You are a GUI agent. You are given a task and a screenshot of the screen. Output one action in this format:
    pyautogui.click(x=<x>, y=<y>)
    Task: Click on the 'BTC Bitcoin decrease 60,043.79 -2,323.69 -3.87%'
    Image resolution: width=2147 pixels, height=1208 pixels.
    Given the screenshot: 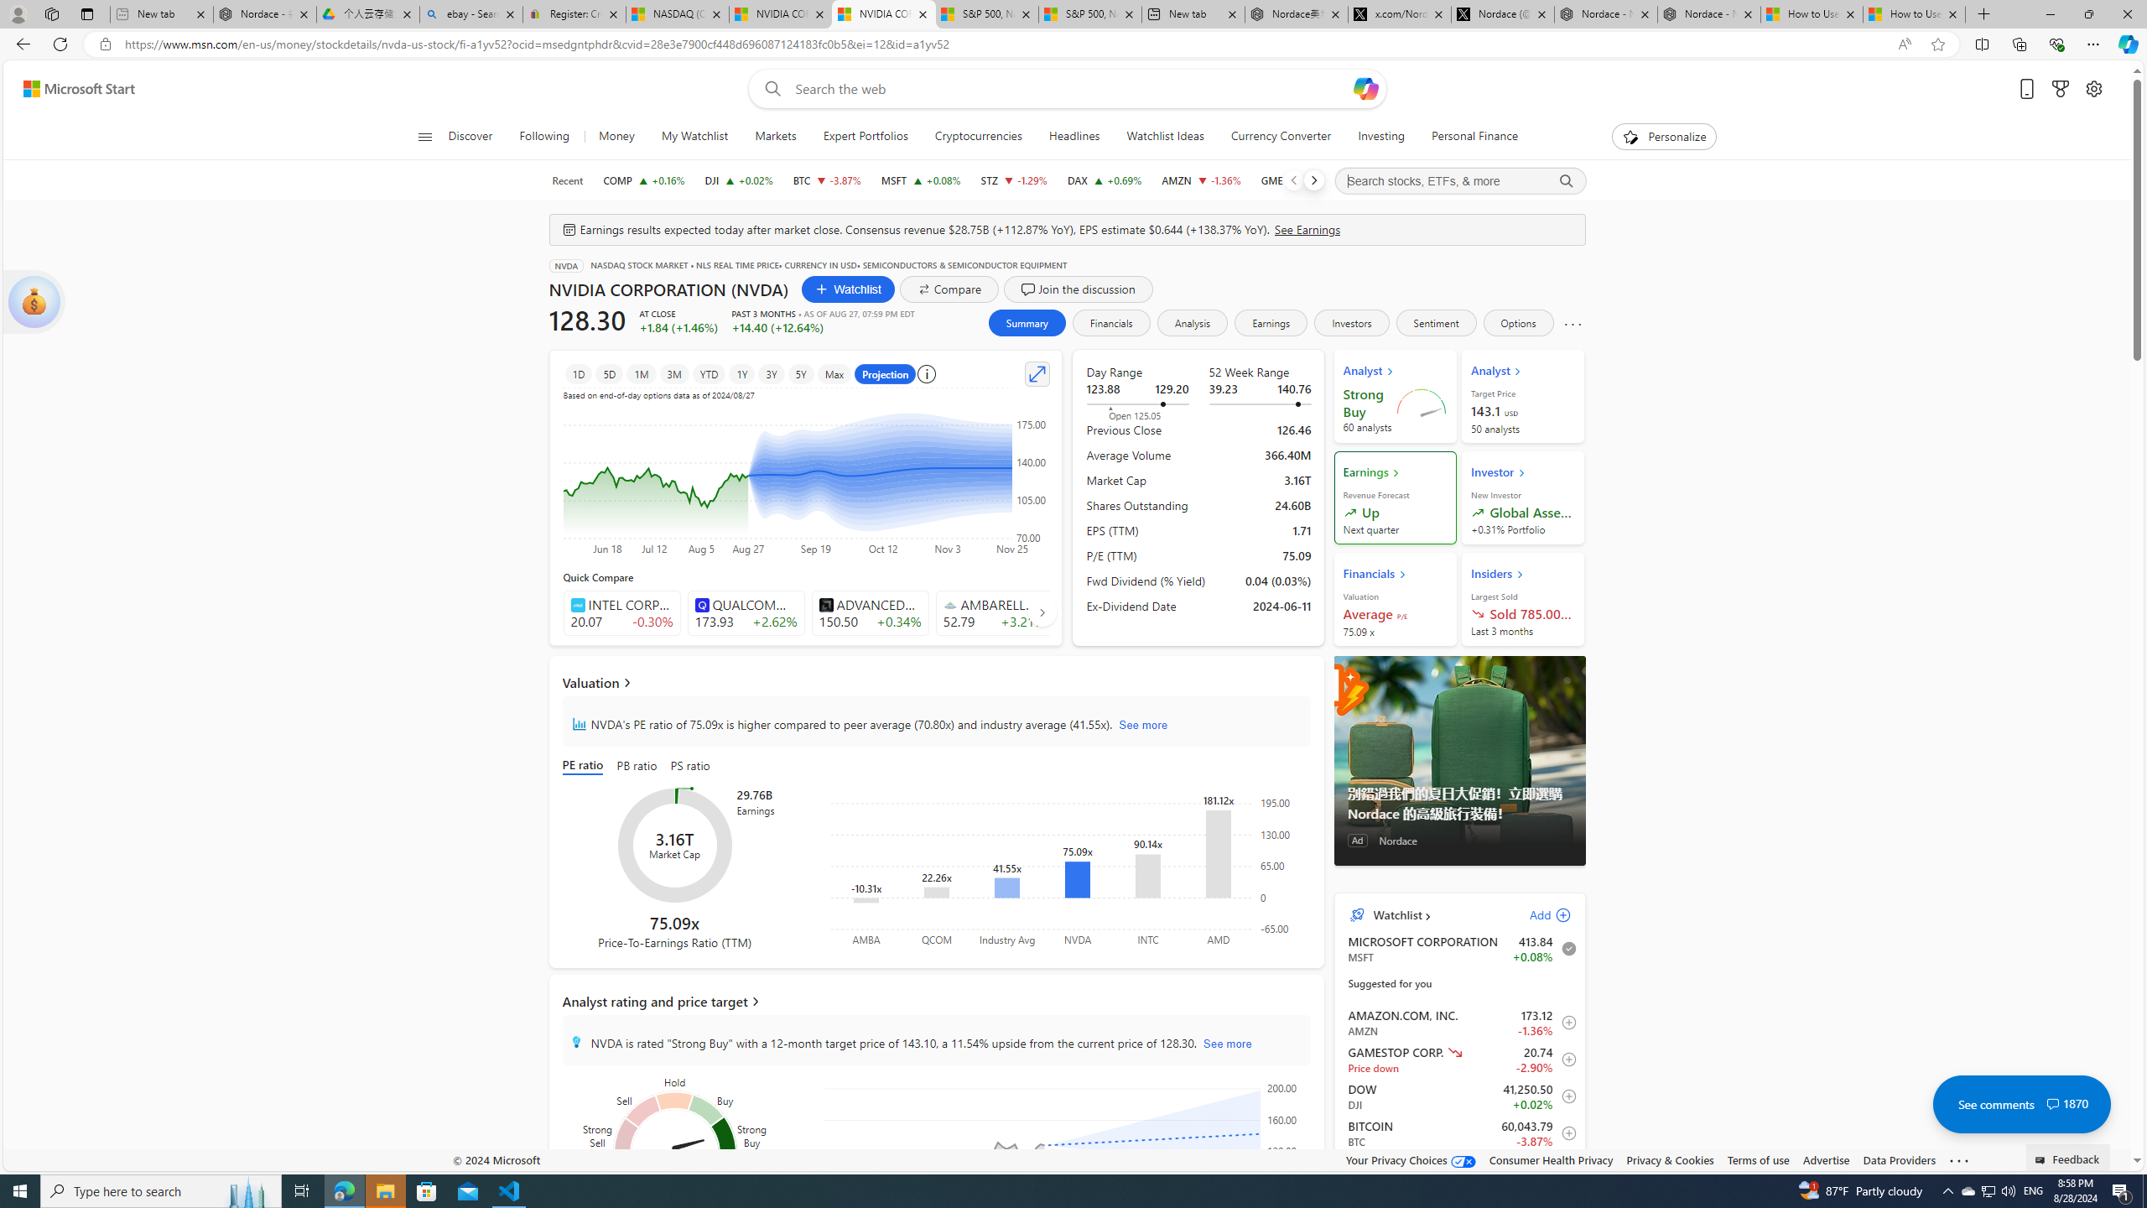 What is the action you would take?
    pyautogui.click(x=826, y=180)
    